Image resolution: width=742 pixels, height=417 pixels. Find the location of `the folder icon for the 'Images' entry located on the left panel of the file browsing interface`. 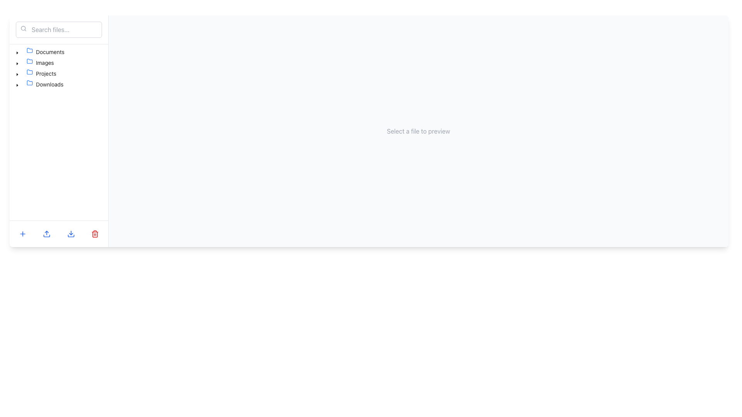

the folder icon for the 'Images' entry located on the left panel of the file browsing interface is located at coordinates (31, 62).